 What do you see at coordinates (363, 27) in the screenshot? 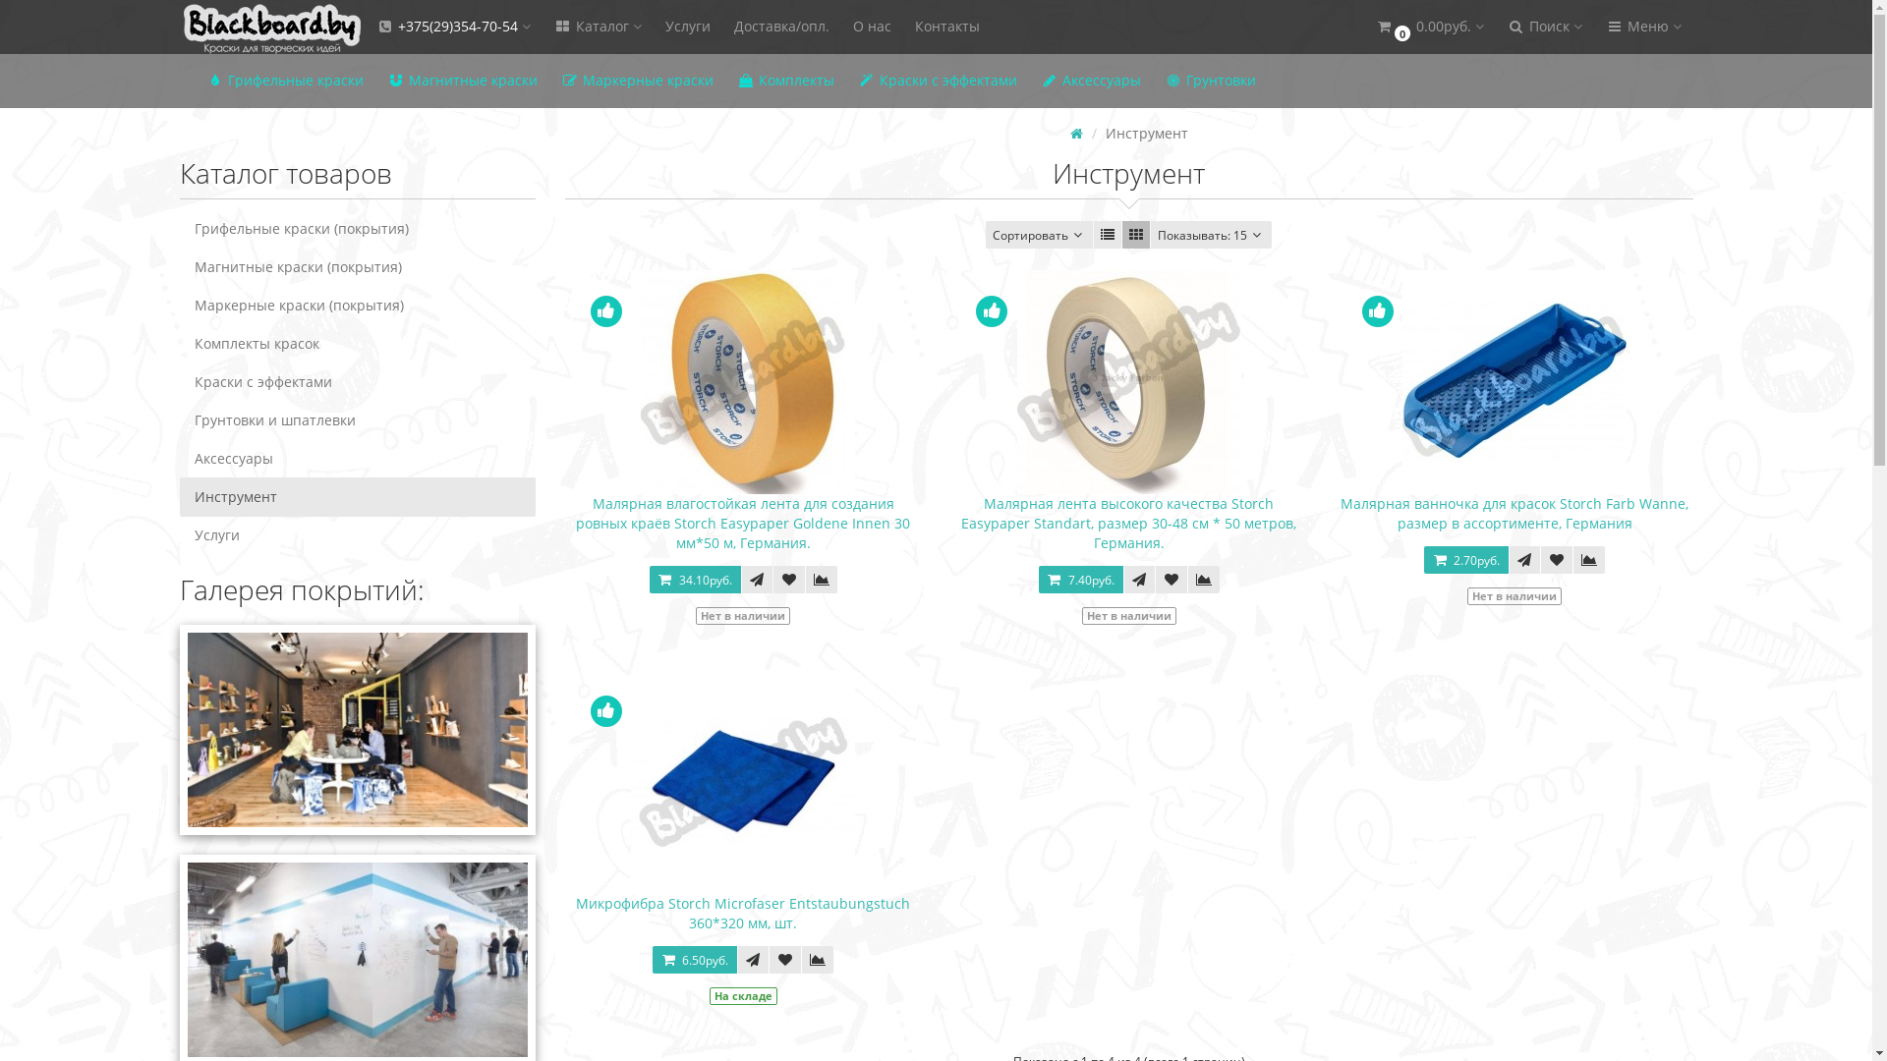
I see `'+375(29)354-70-54'` at bounding box center [363, 27].